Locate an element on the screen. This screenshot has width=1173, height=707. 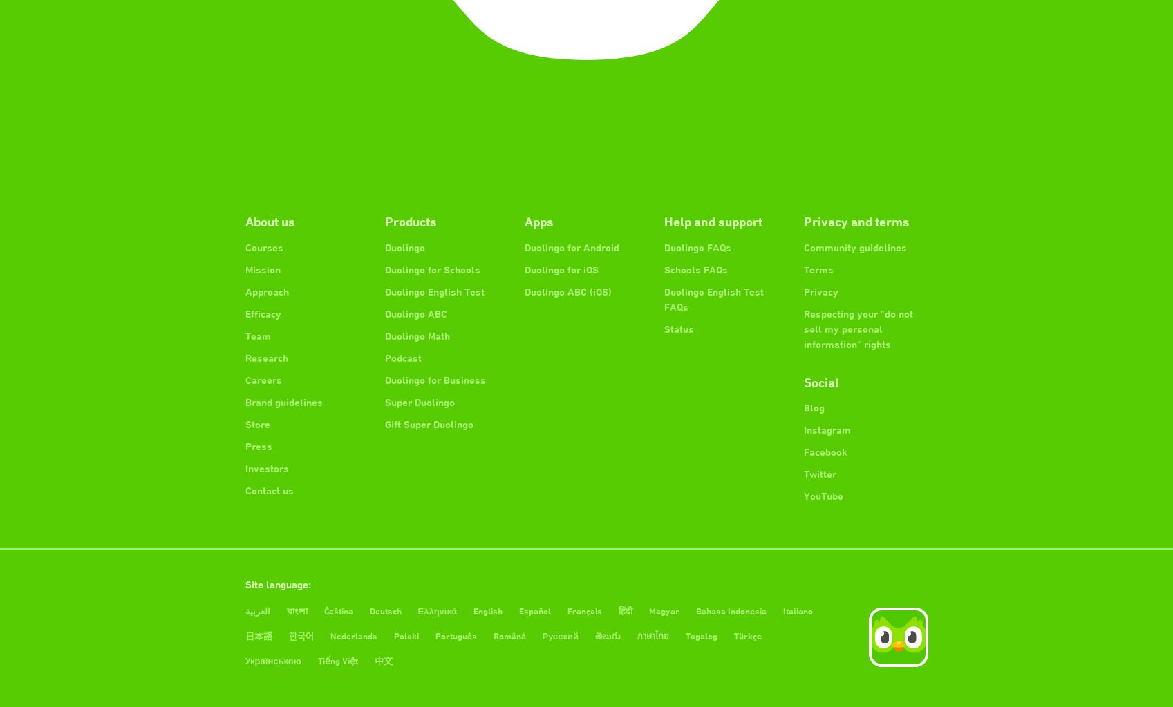
'Privacy' is located at coordinates (820, 290).